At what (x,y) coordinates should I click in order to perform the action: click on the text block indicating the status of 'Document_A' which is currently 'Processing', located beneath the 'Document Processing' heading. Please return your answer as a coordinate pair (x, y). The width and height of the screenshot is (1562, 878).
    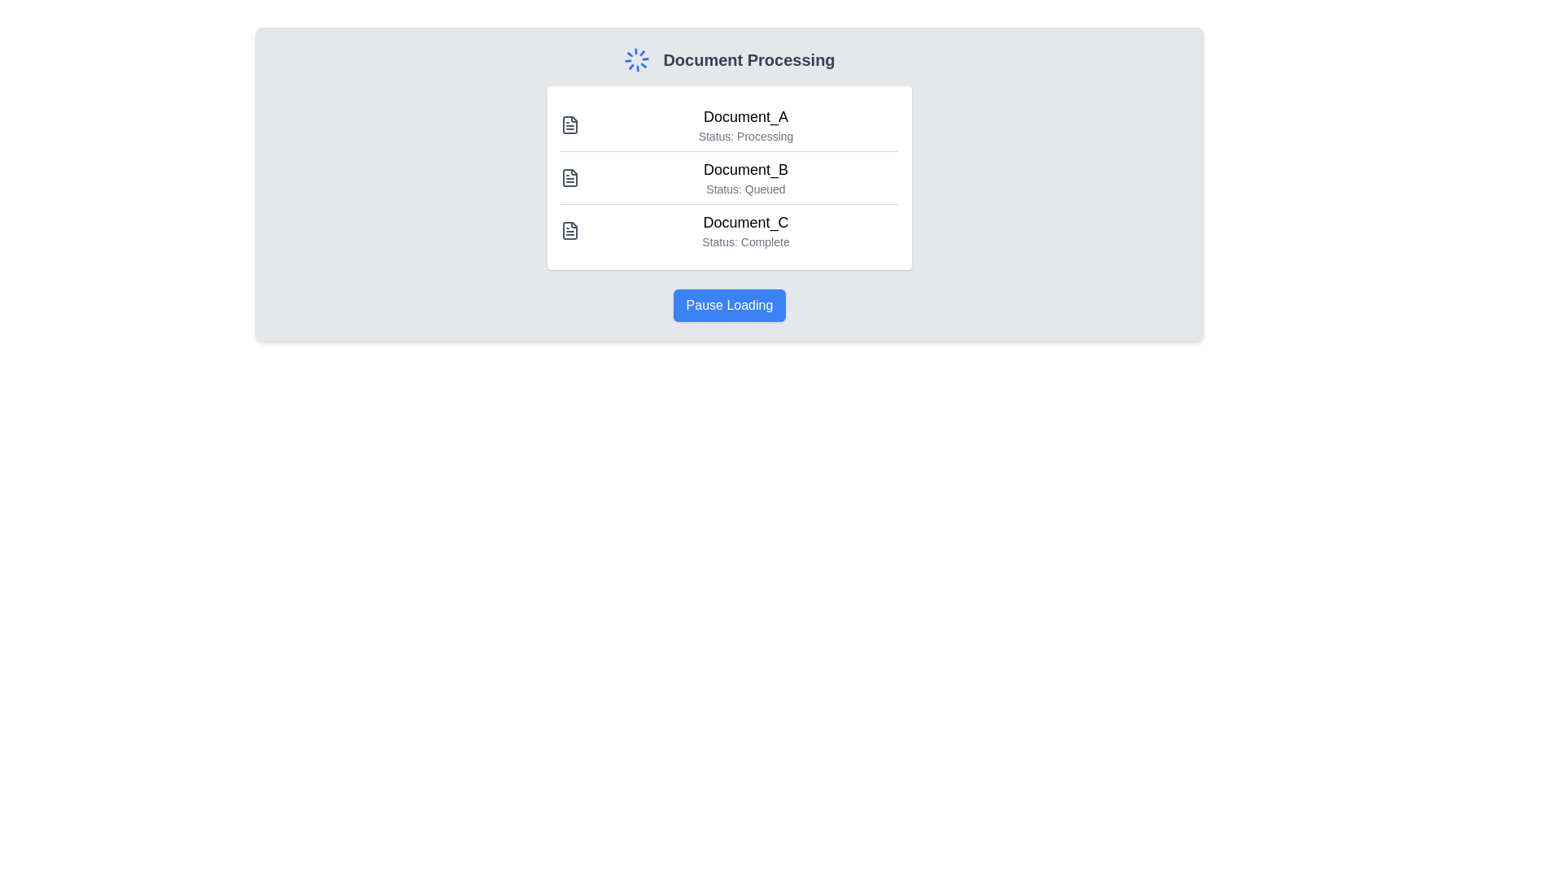
    Looking at the image, I should click on (744, 124).